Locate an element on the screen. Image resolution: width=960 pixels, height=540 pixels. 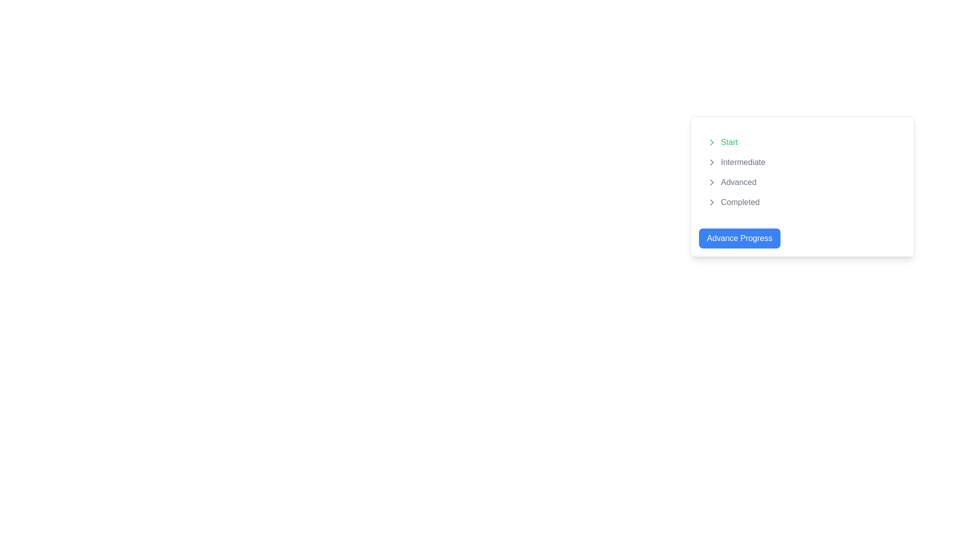
the right-pointing chevron icon next to the label 'Completed', which is a minimalistic gray arrow indicating navigation is located at coordinates (711, 202).